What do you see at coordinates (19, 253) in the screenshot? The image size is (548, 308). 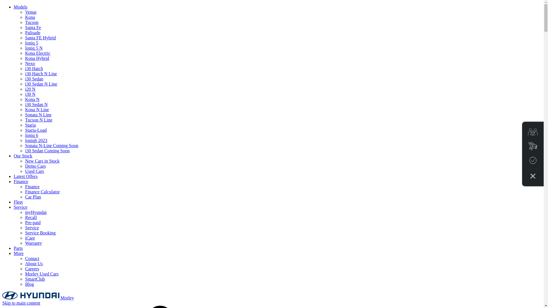 I see `'More'` at bounding box center [19, 253].